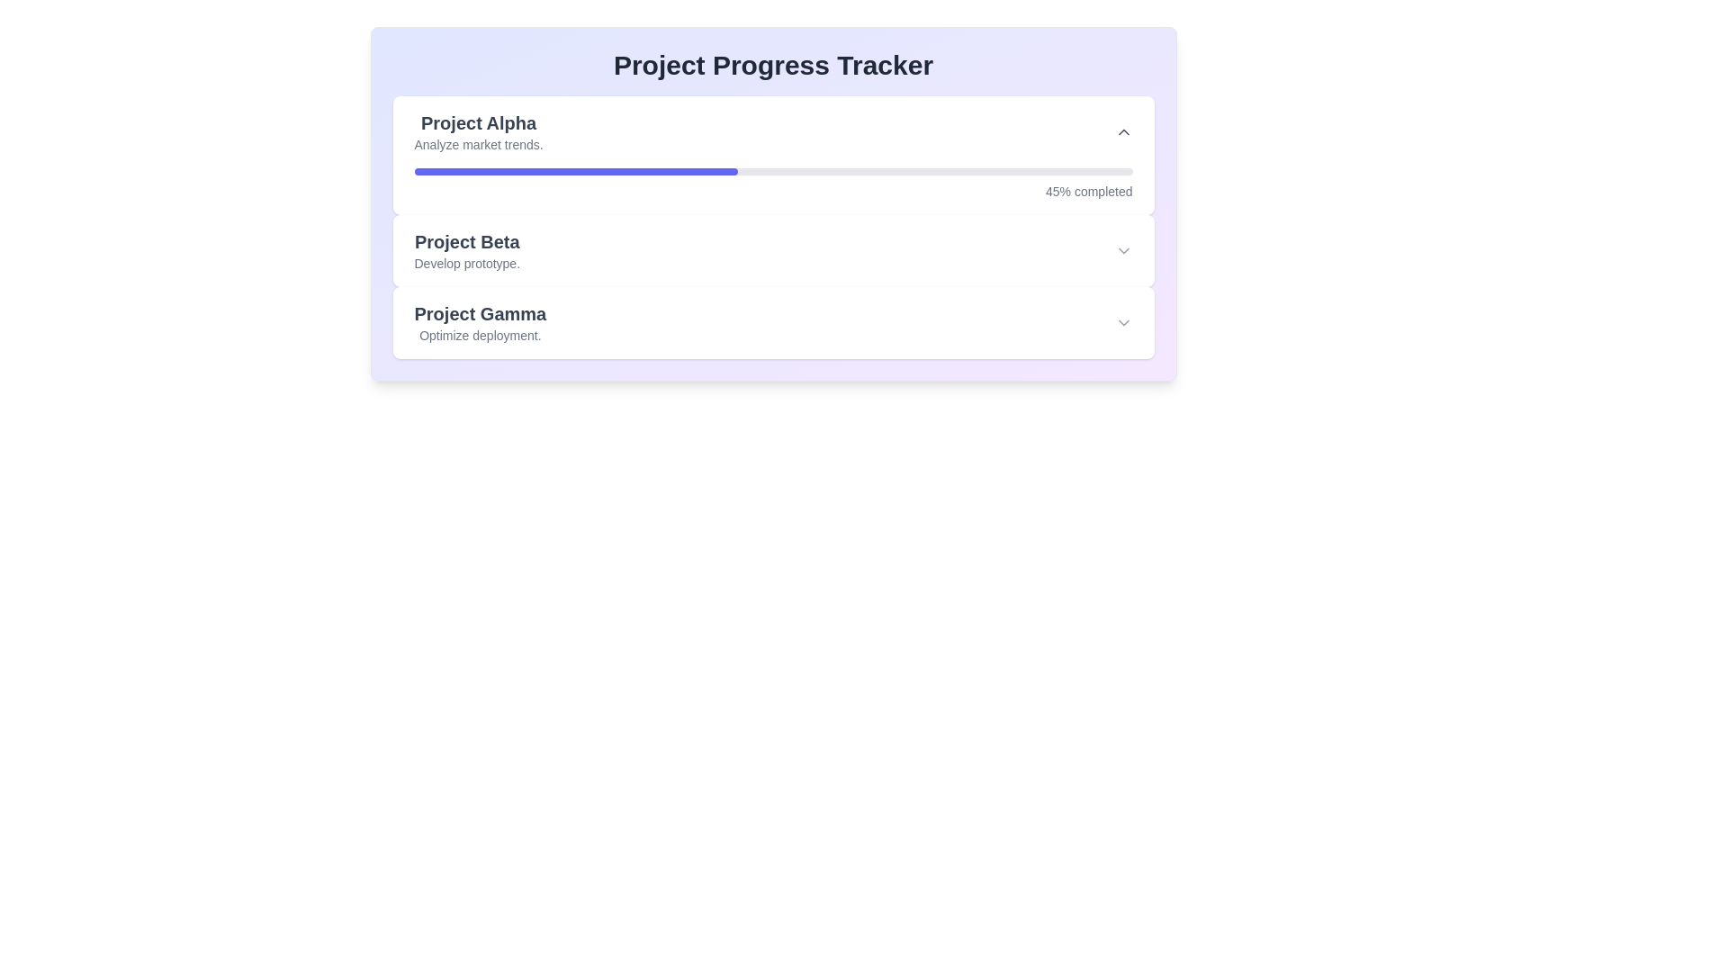  I want to click on the dropdown toggle button located in the rightmost position of the 'Project Gamma' entry, so click(1122, 321).